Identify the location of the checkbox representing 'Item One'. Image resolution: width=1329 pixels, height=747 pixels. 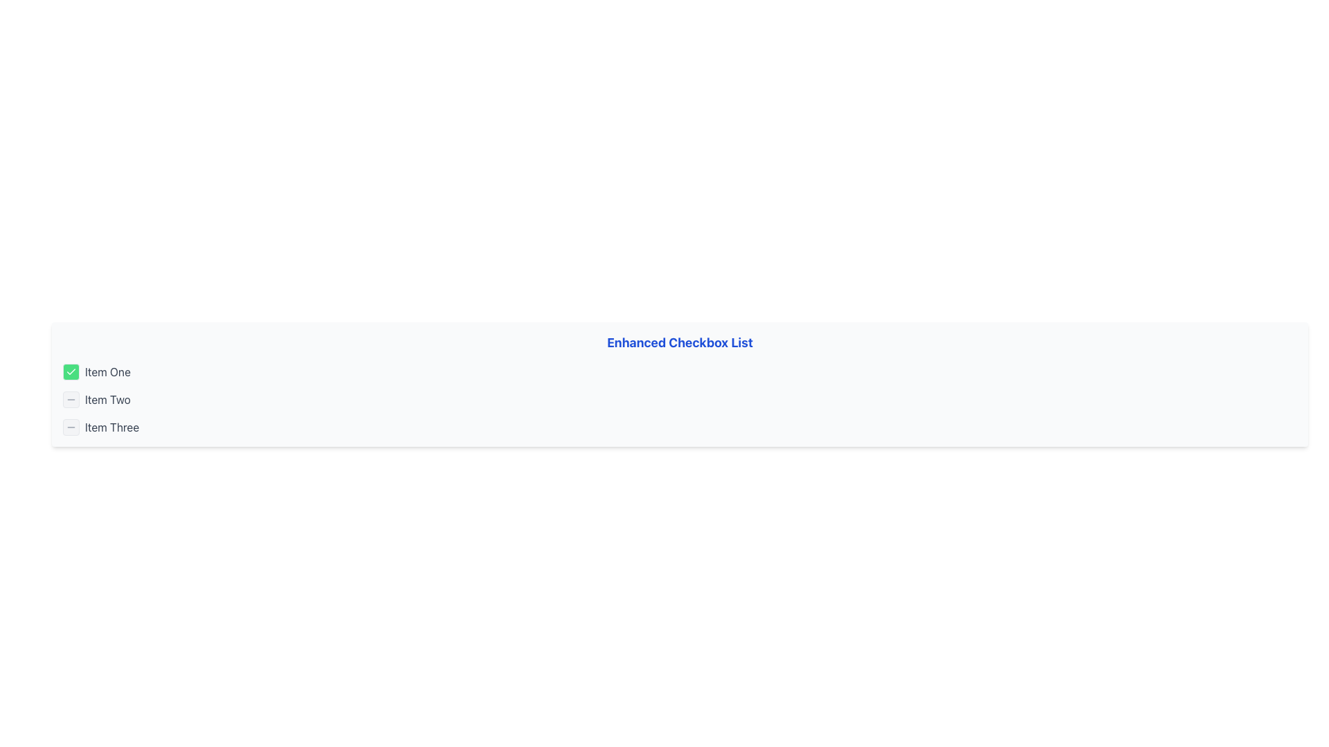
(70, 371).